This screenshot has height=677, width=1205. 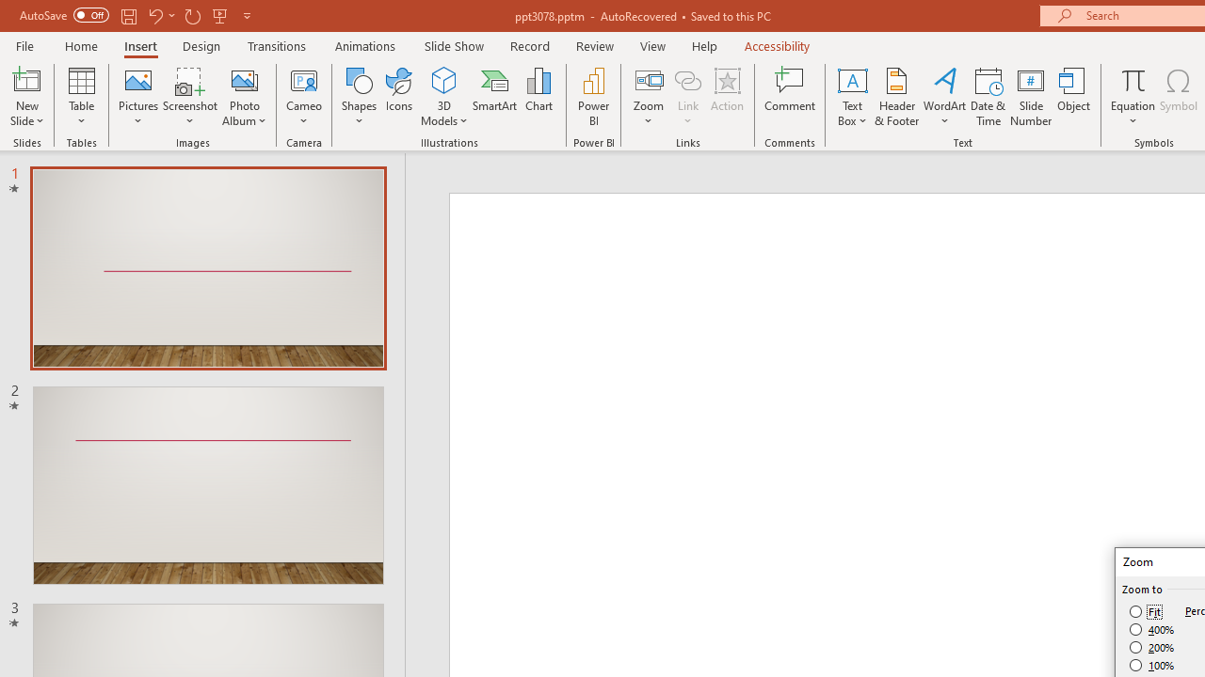 What do you see at coordinates (1074, 97) in the screenshot?
I see `'Object...'` at bounding box center [1074, 97].